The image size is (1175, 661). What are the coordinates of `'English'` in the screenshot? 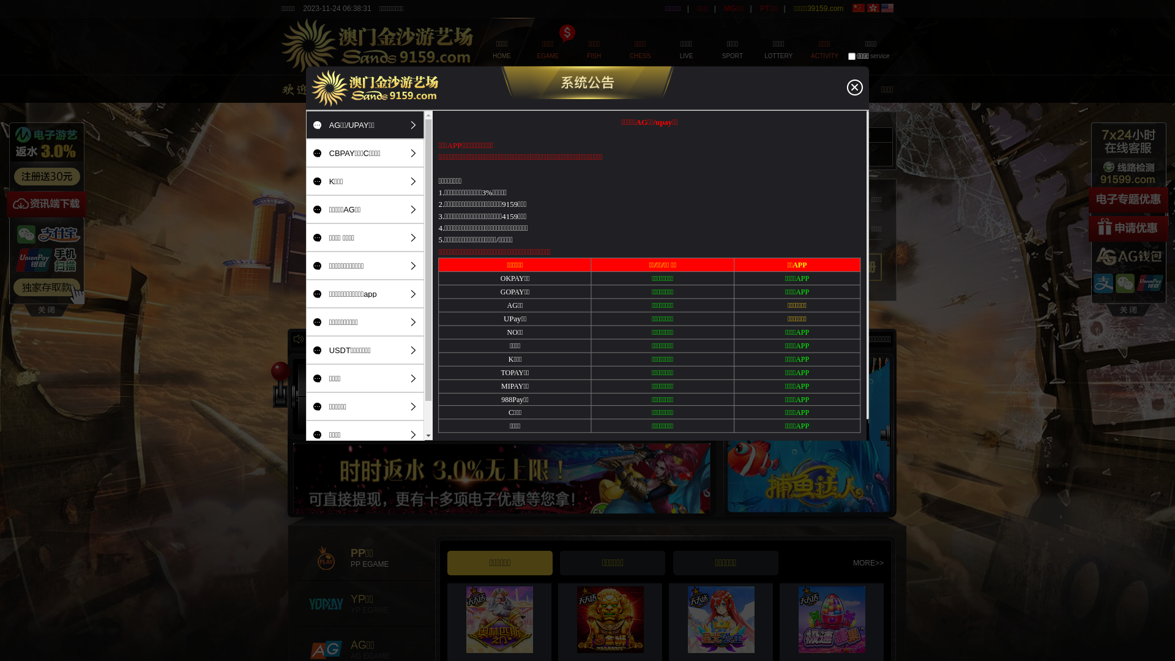 It's located at (887, 7).